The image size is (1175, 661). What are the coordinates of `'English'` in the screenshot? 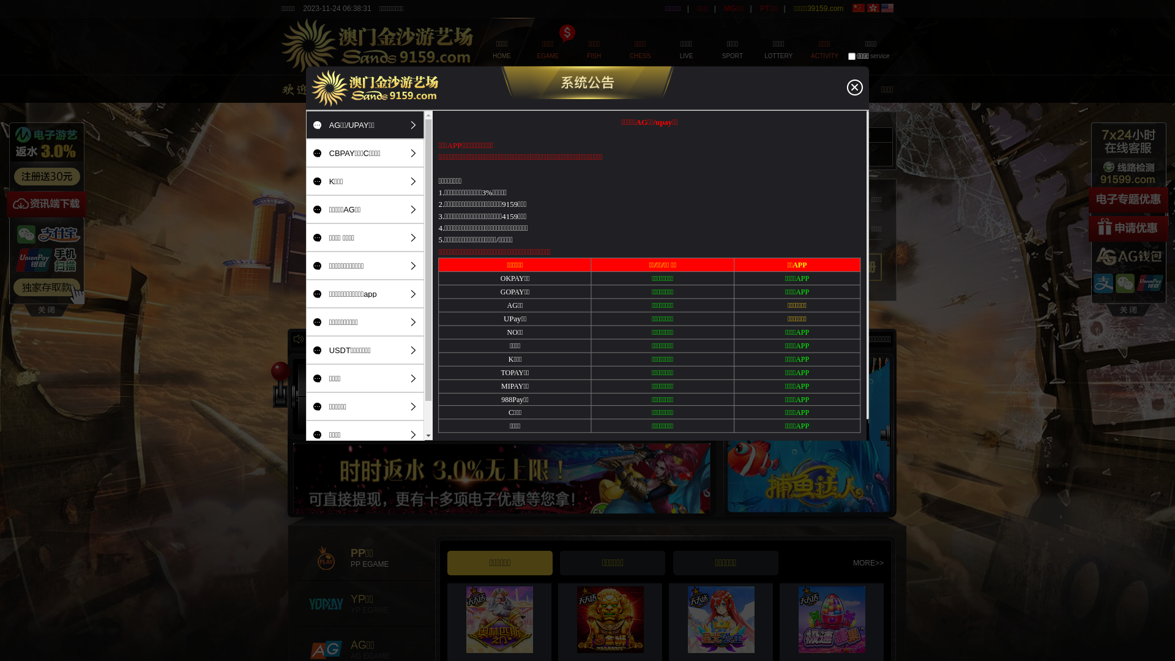 It's located at (887, 7).